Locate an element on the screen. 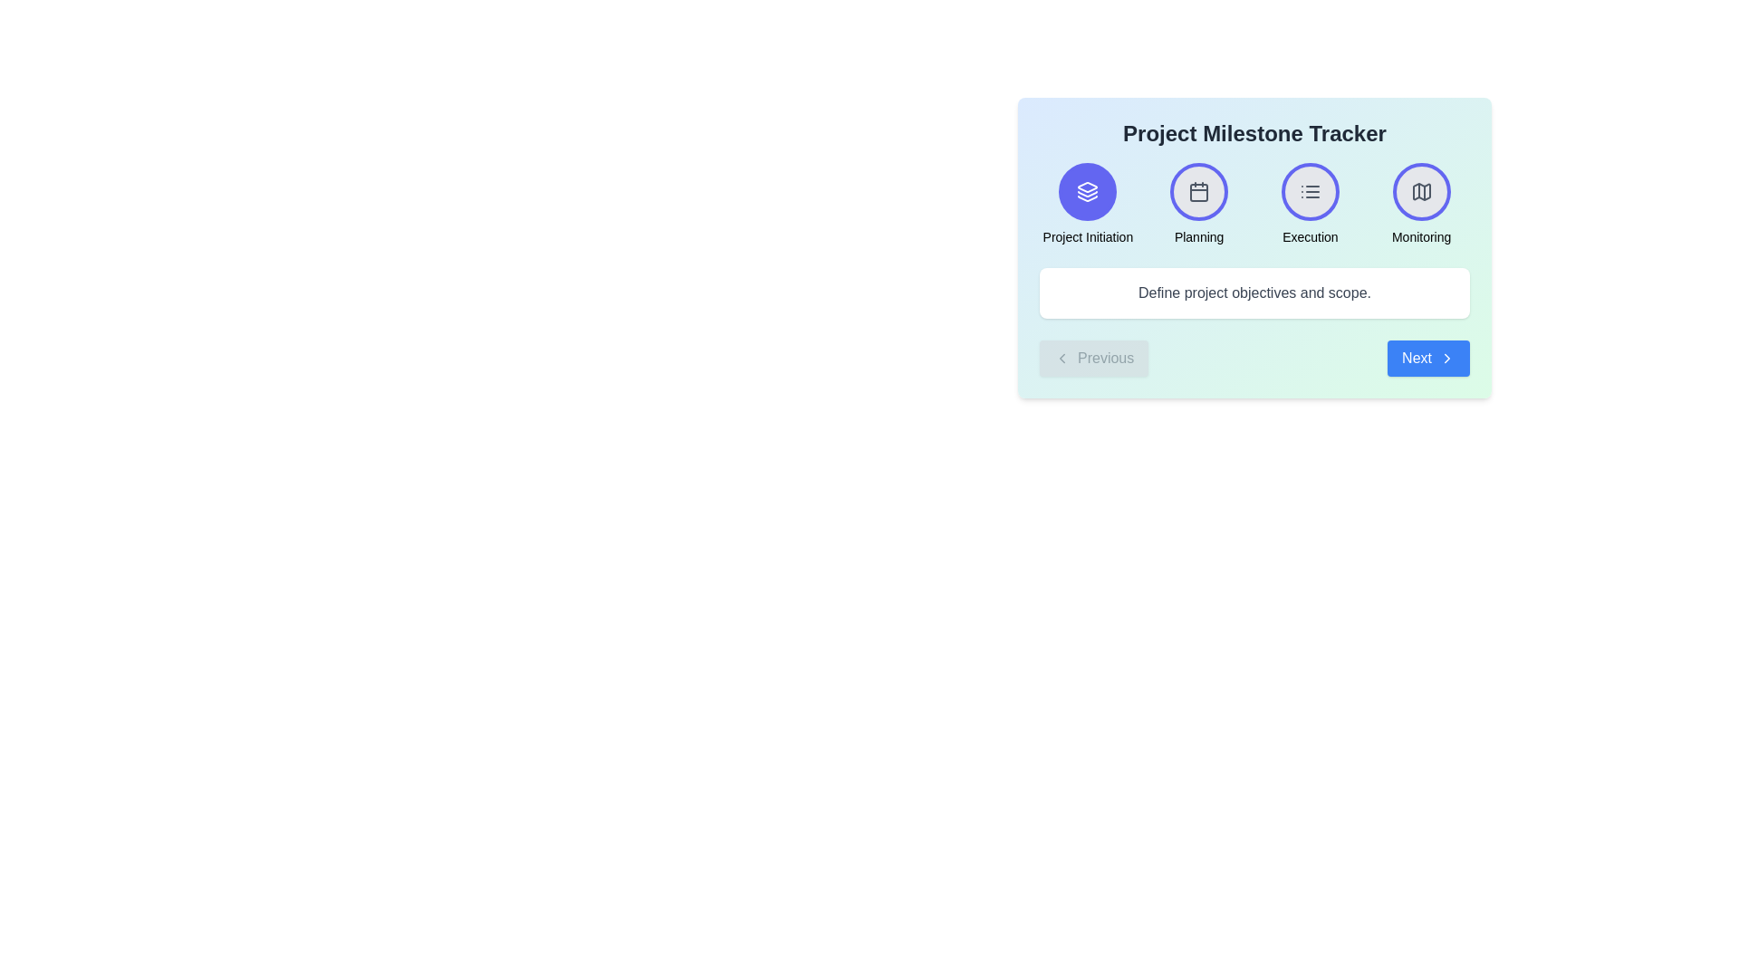 This screenshot has height=978, width=1739. the rightward chevron arrow icon that is part of the 'Next' button, located at the bottom right of the content area is located at coordinates (1446, 359).